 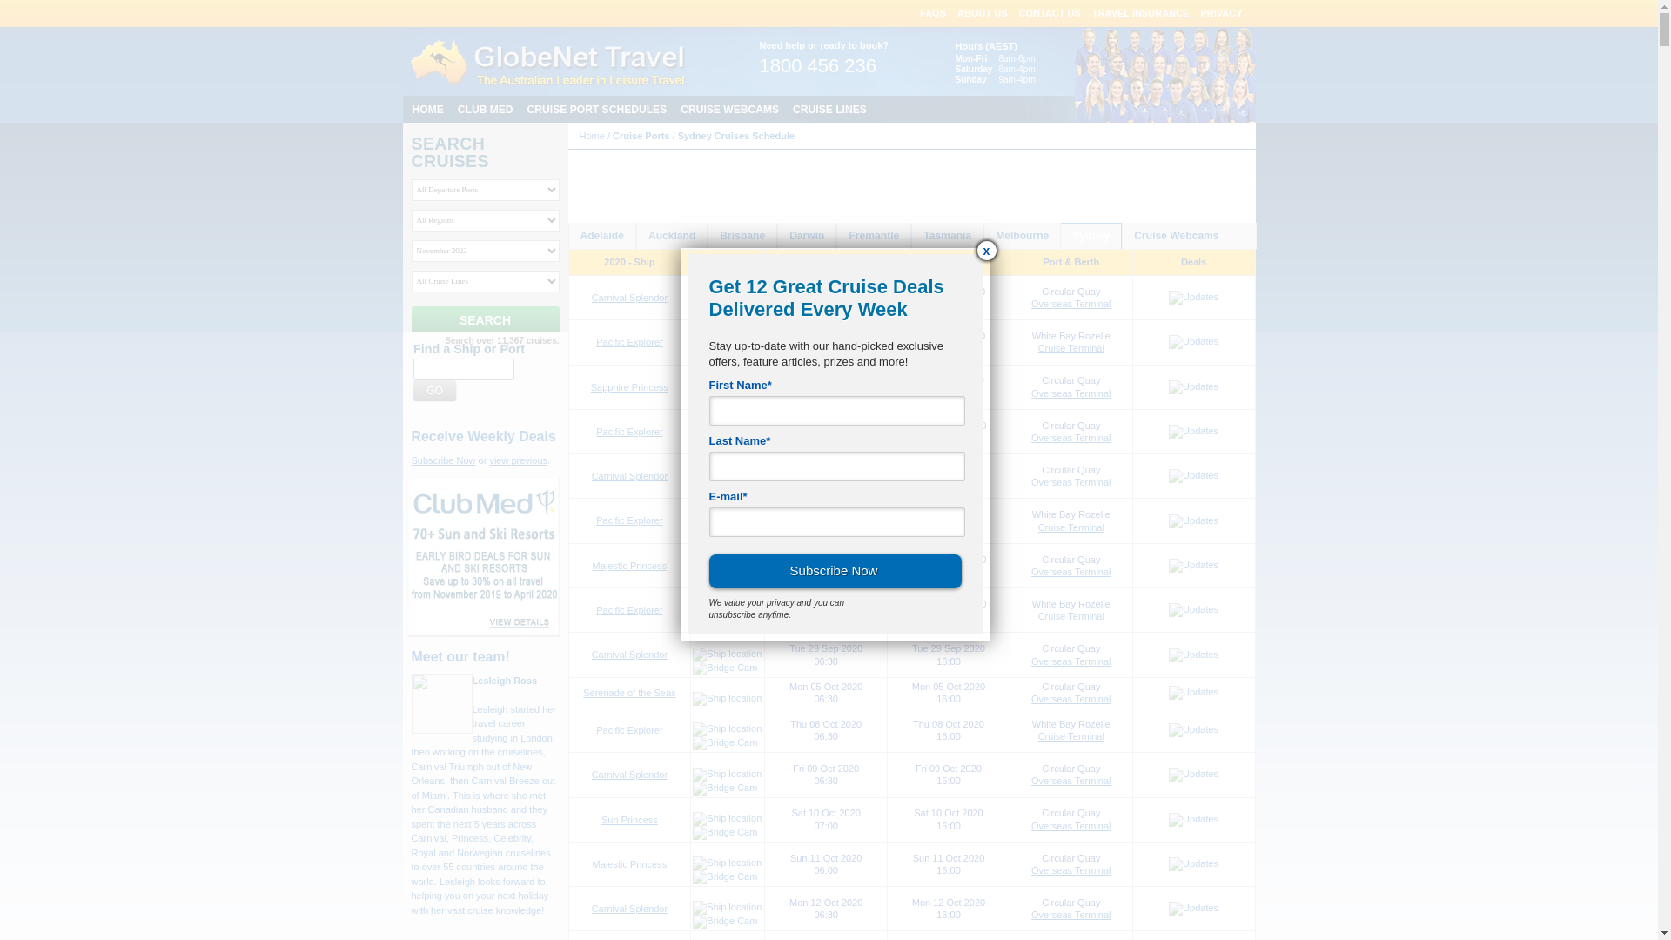 I want to click on 'Pacific Explorer', so click(x=628, y=342).